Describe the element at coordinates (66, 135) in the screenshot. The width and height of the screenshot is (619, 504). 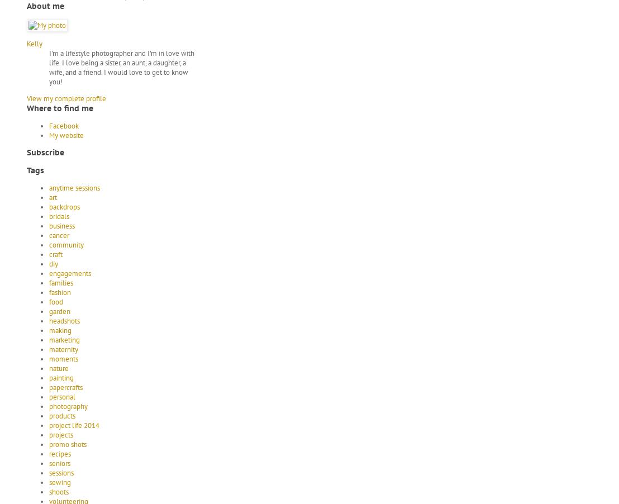
I see `'My website'` at that location.